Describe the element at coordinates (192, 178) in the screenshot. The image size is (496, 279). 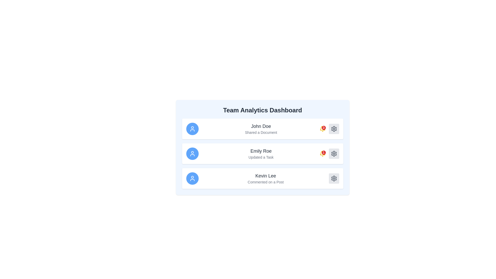
I see `circular blue icon with a white user silhouette representing 'Kevin Lee' located at the bottom of the card list` at that location.